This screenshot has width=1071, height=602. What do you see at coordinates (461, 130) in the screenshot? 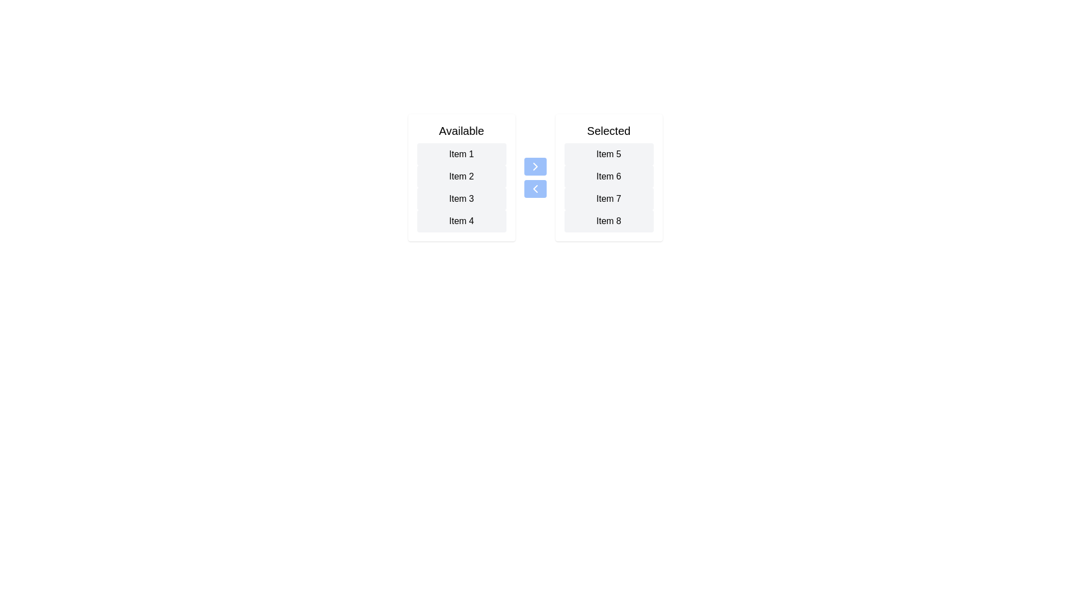
I see `the text label displaying 'Available', which is bold and positioned at the top center of a pale white rectangular section` at bounding box center [461, 130].